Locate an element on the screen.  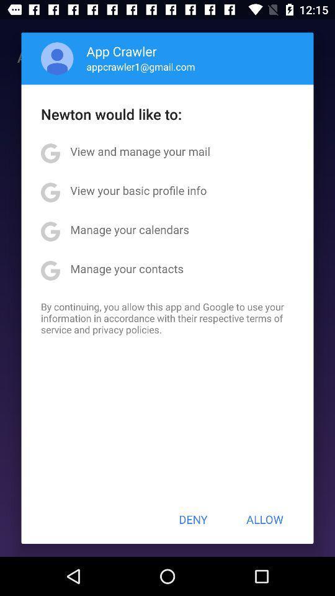
icon below by continuing you app is located at coordinates (193, 519).